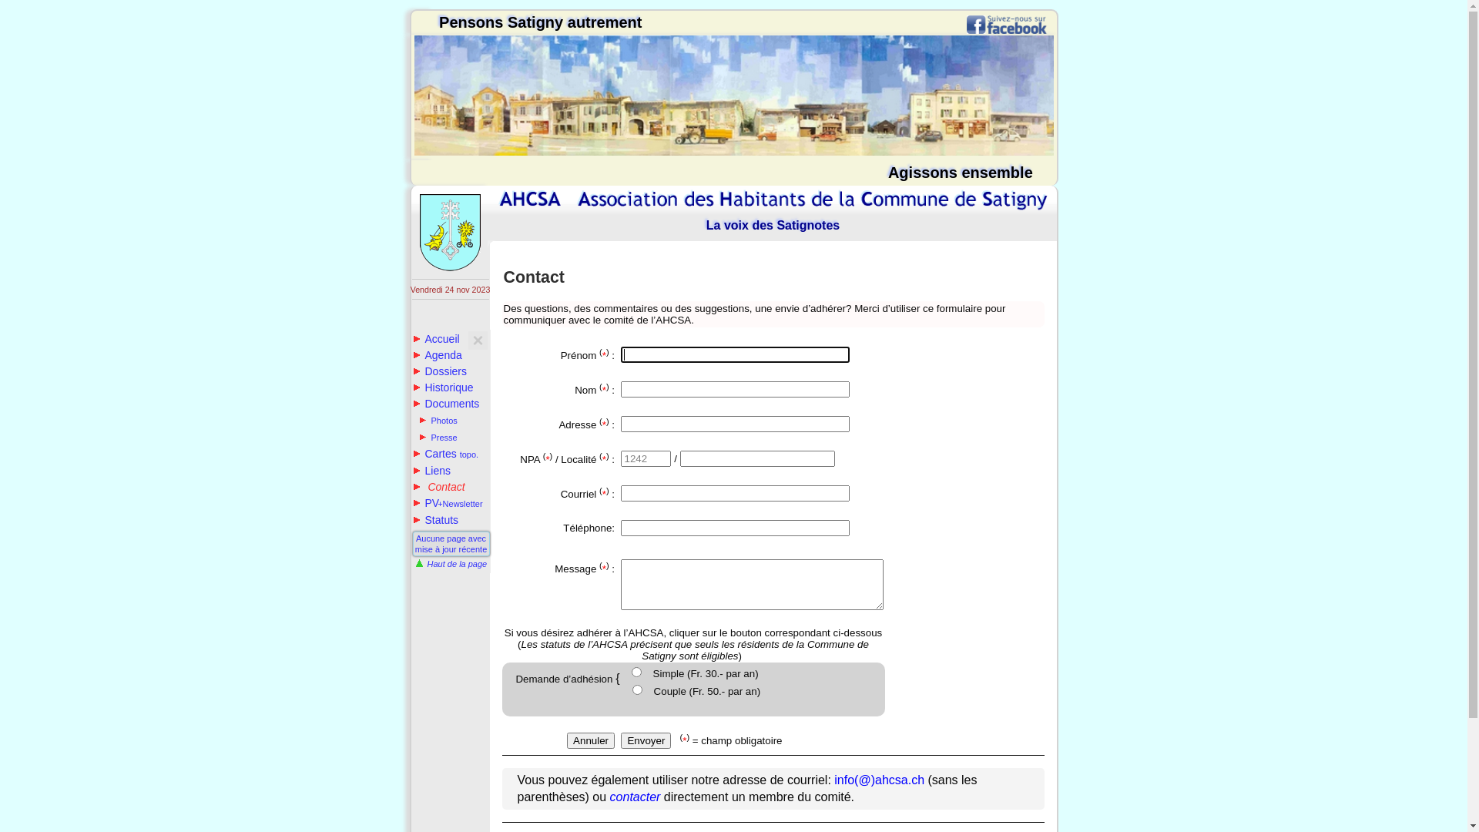 The image size is (1479, 832). I want to click on 'Photos', so click(438, 421).